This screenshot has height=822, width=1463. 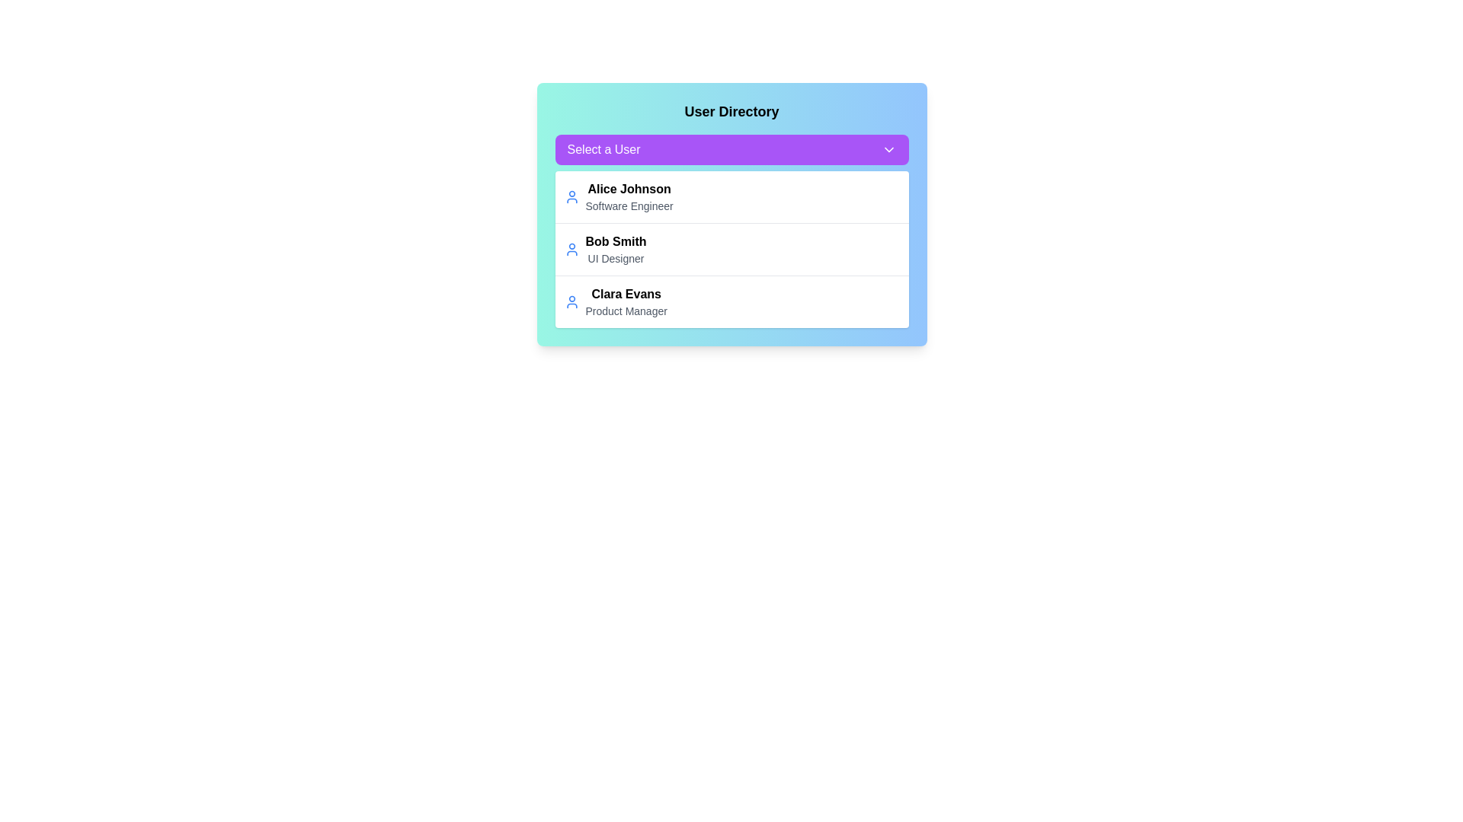 I want to click on the profile entry of Clara Evans in the User Directory, so click(x=626, y=302).